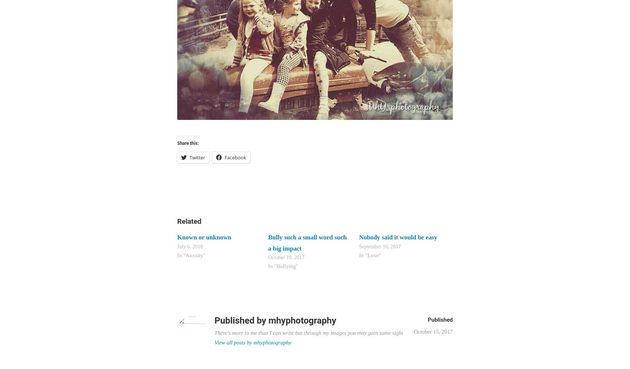 This screenshot has width=630, height=369. What do you see at coordinates (433, 332) in the screenshot?
I see `'October 15, 2017'` at bounding box center [433, 332].